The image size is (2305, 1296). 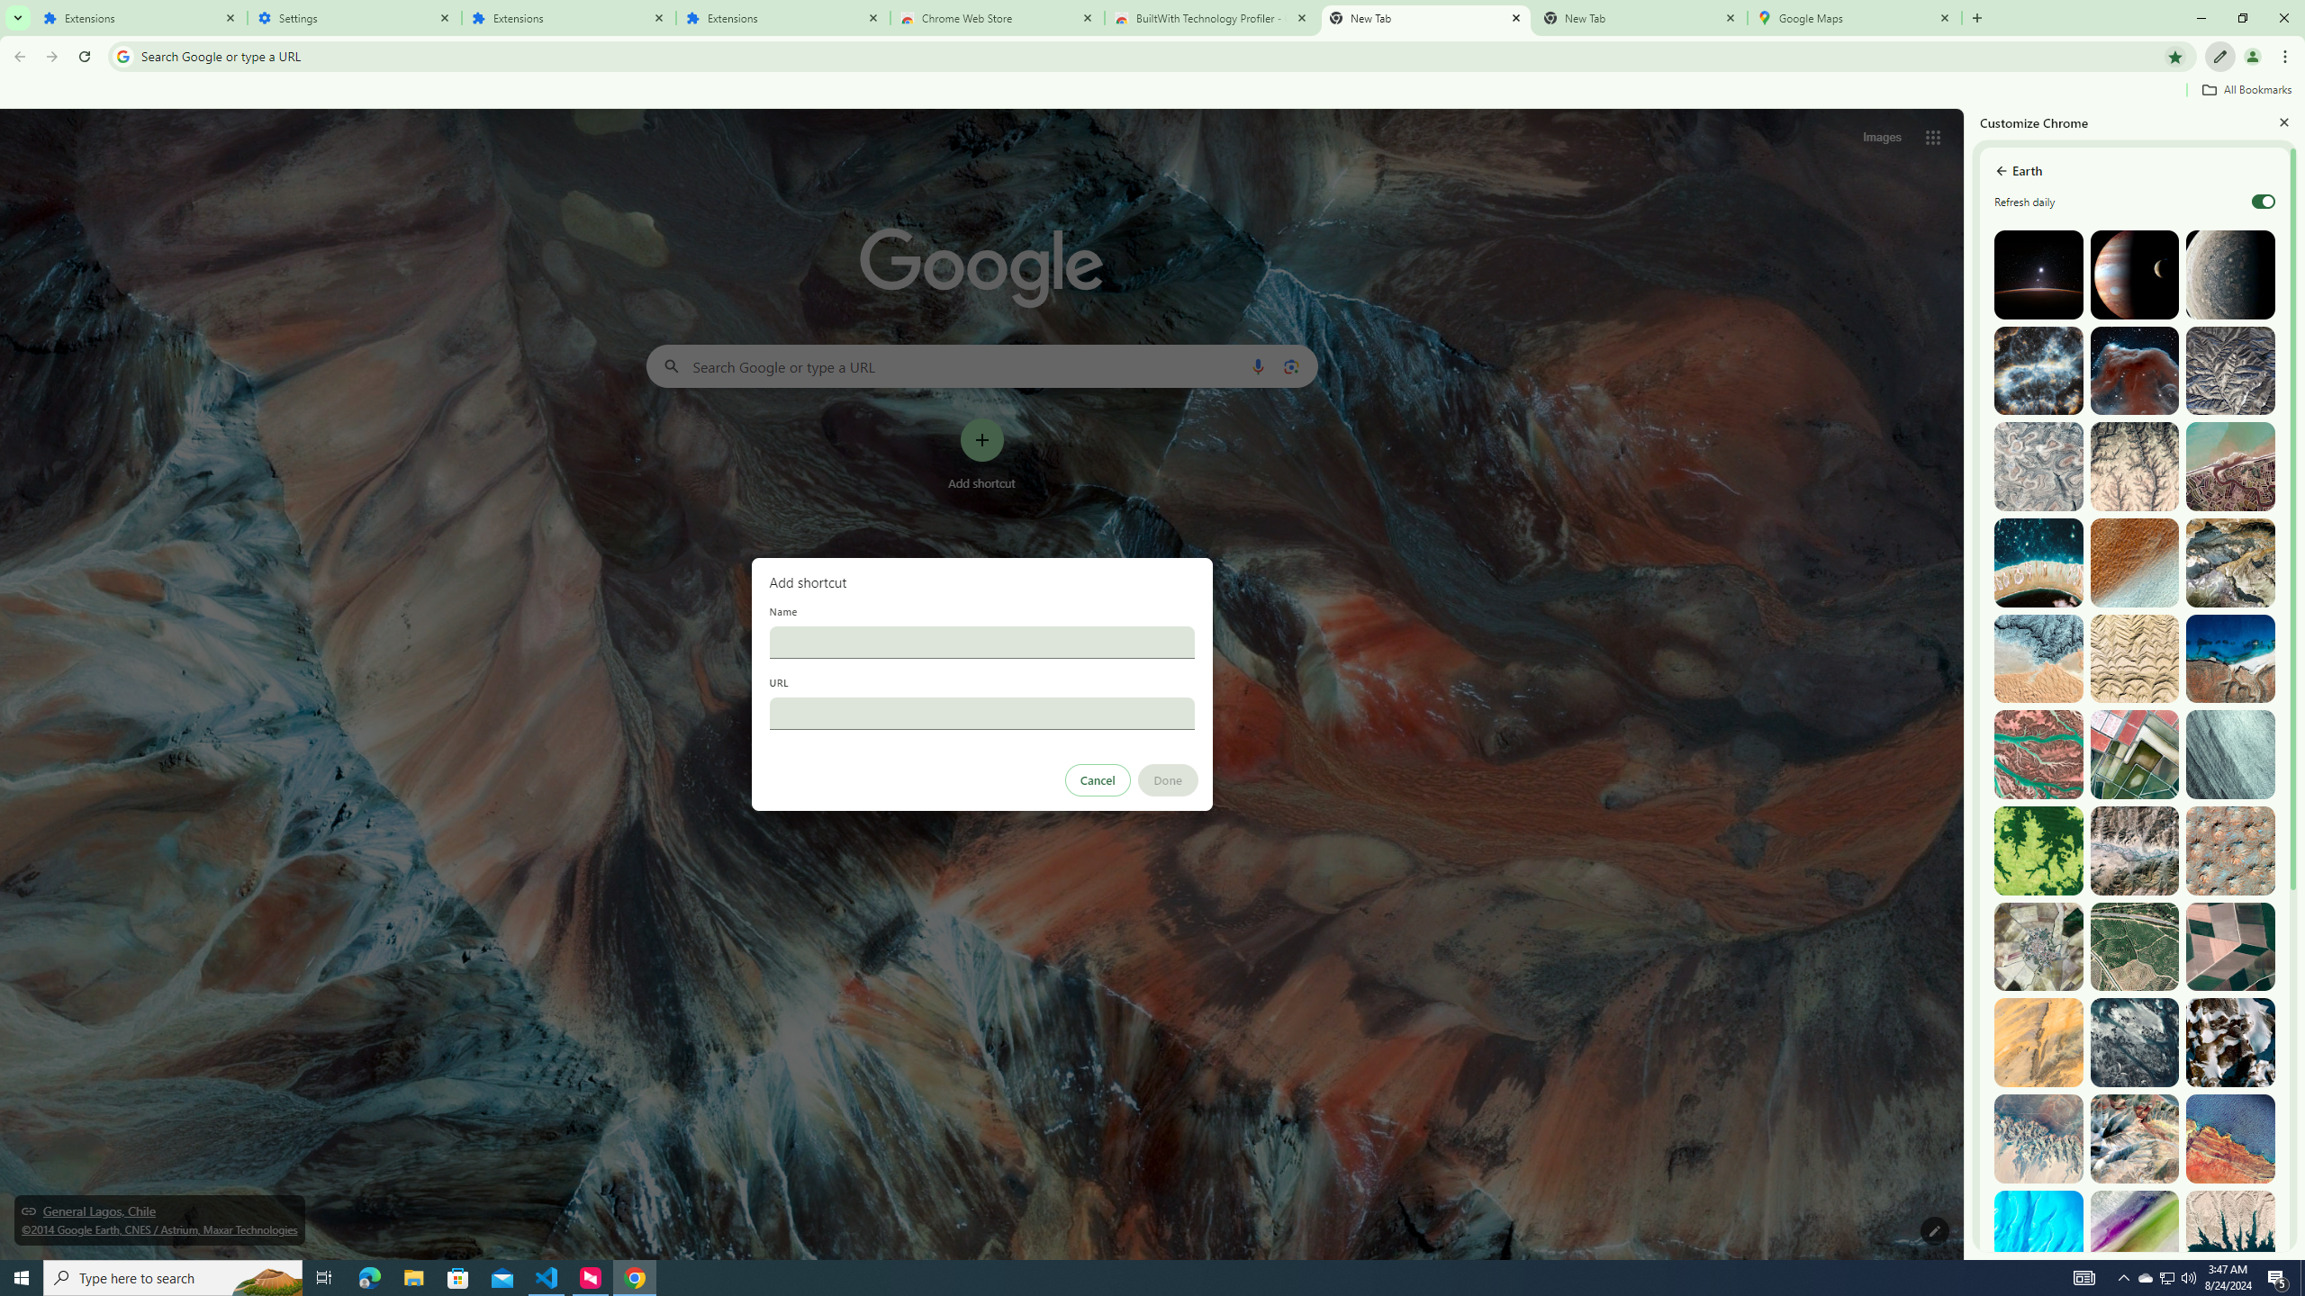 I want to click on 'URL', so click(x=981, y=713).